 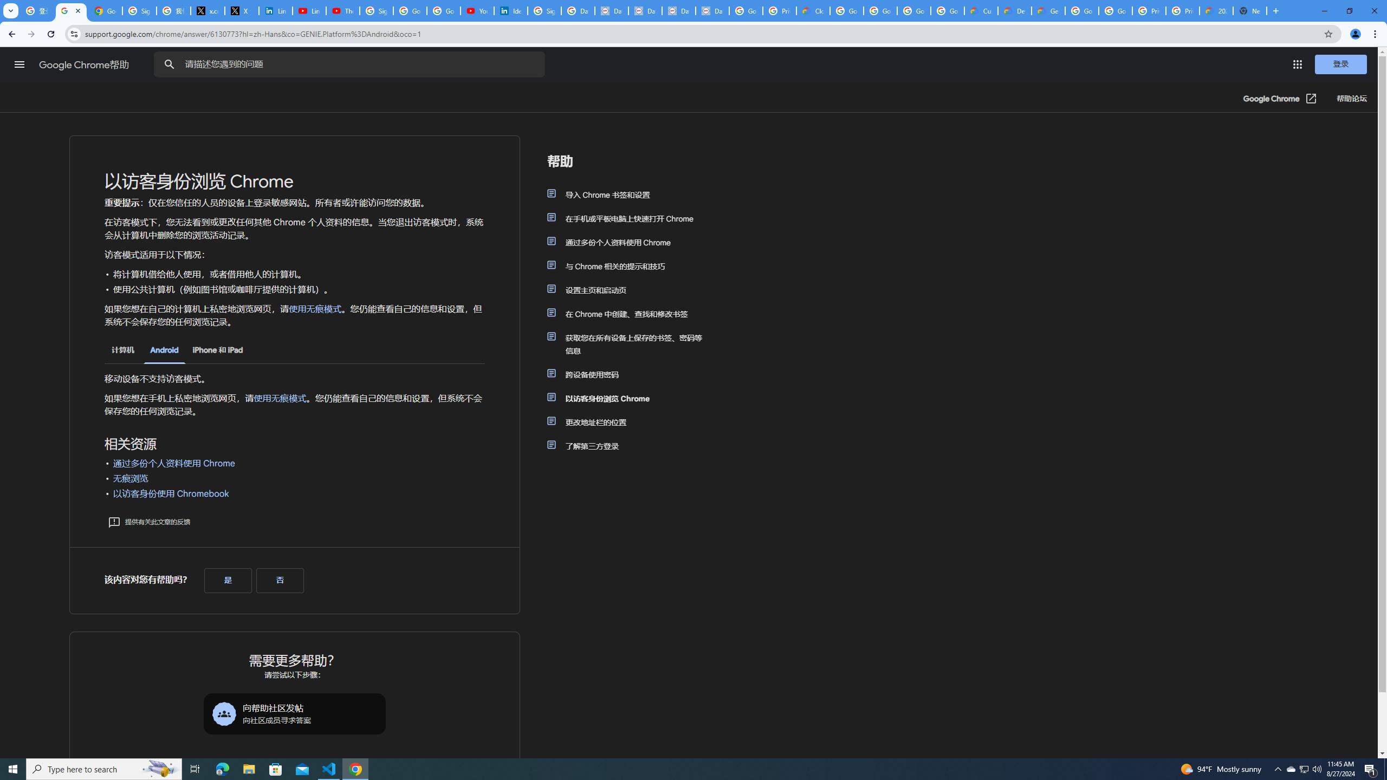 I want to click on 'Google Cloud Platform', so click(x=1081, y=10).